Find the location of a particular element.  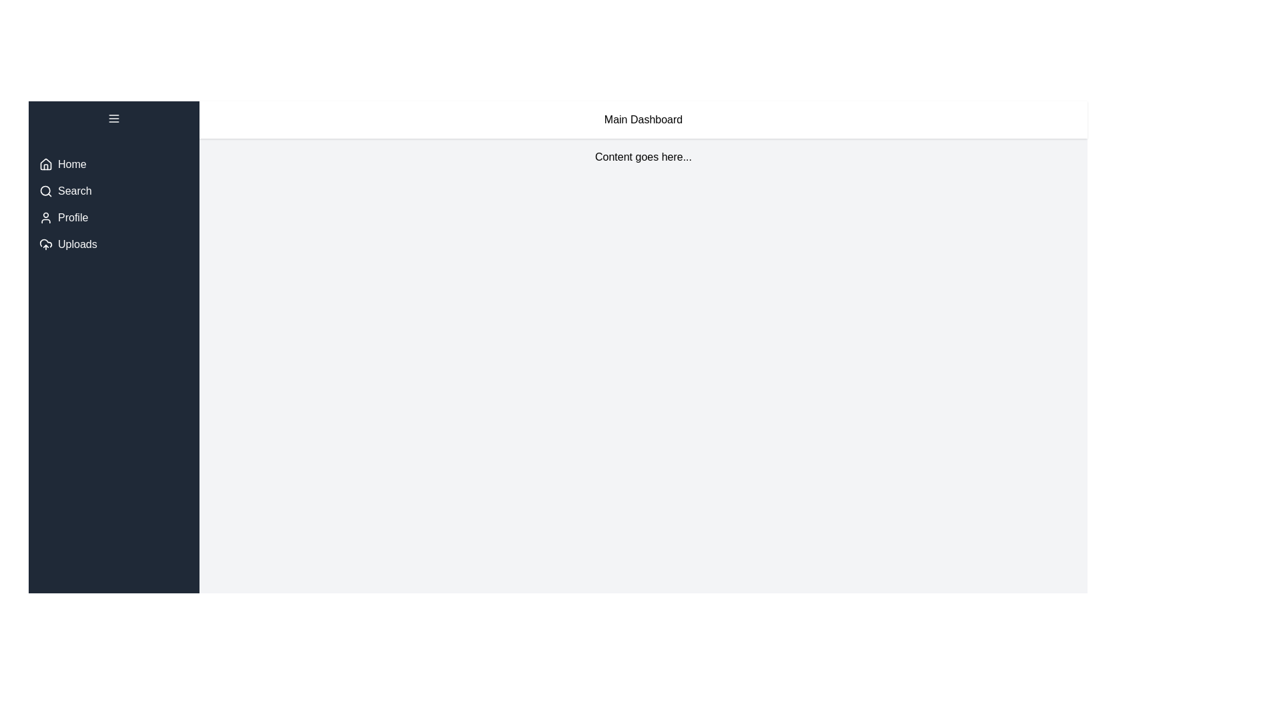

the 'Uploads' icon located in the sidebar menu is located at coordinates (45, 244).